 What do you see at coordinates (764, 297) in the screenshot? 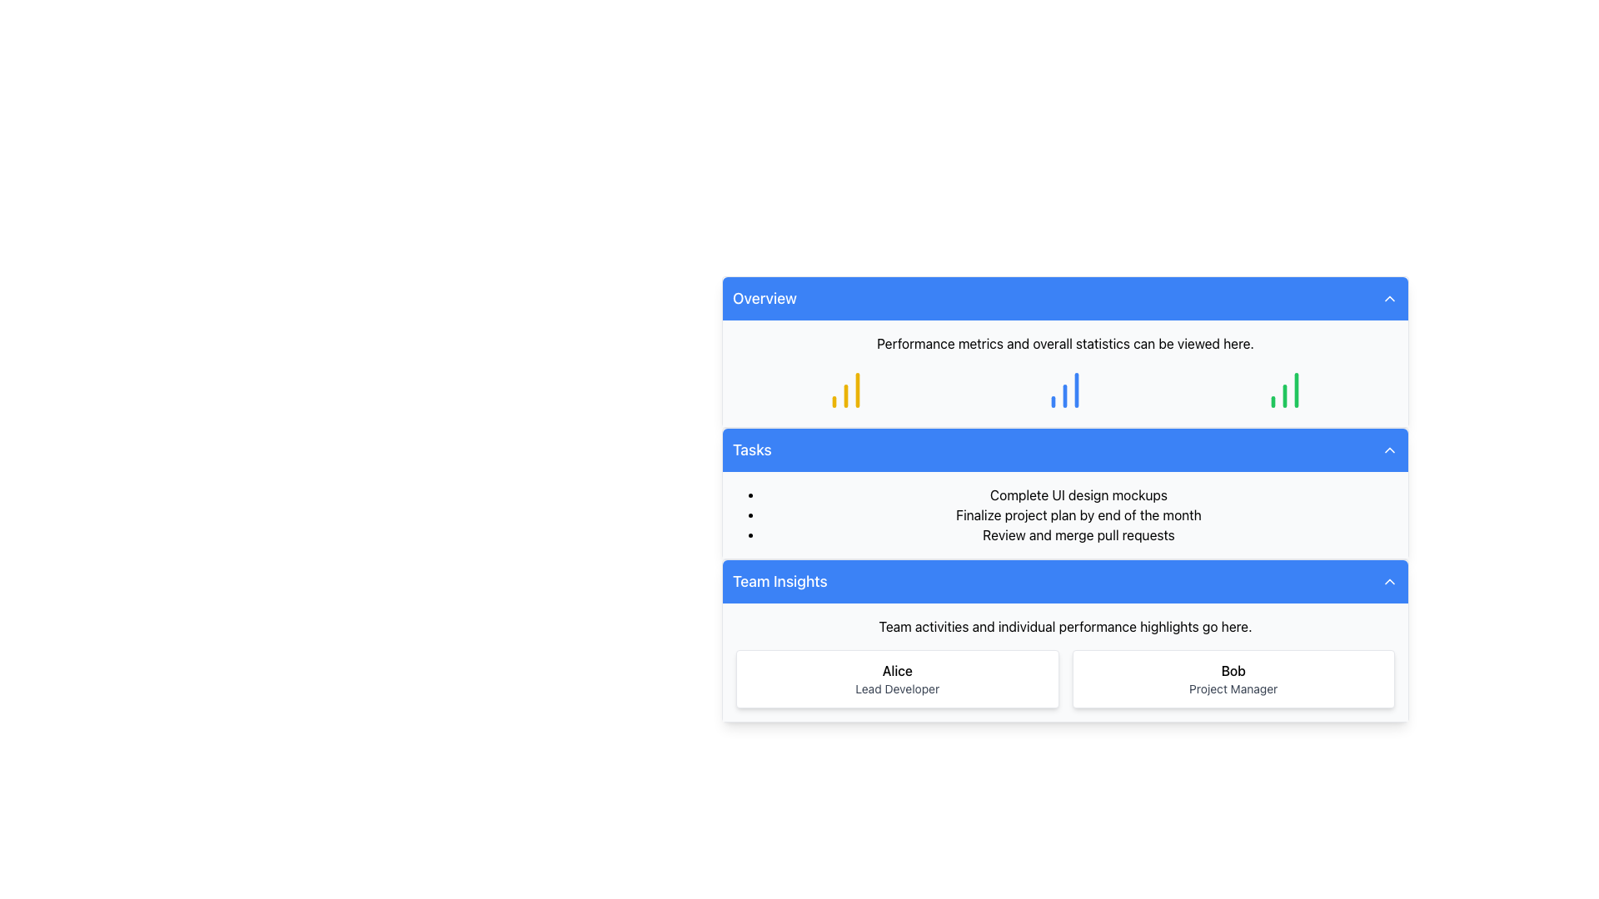
I see `the 'Overview' text label located at the top left of the blue bar in the header row, which serves as a section title and is not interactive` at bounding box center [764, 297].